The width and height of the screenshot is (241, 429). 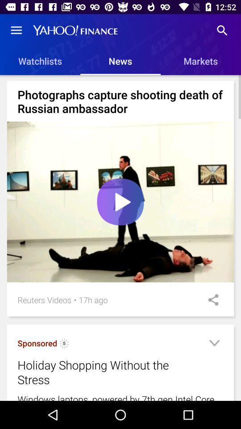 I want to click on the item below the photographs capture shooting, so click(x=120, y=202).